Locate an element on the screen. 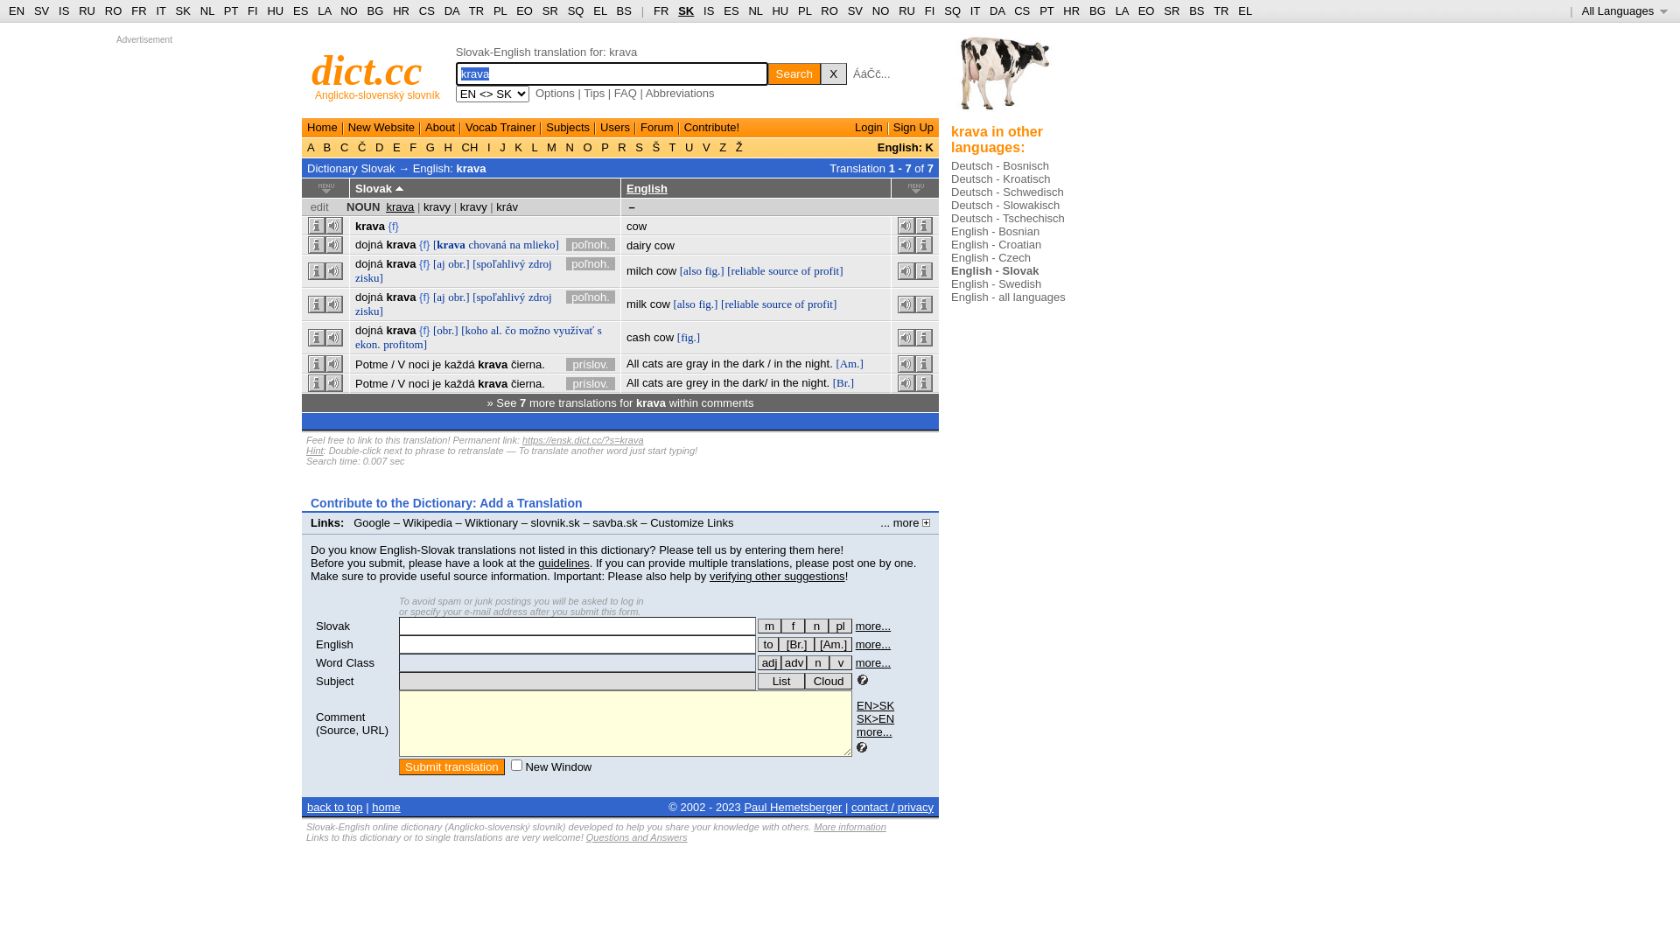 Image resolution: width=1680 pixels, height=945 pixels. 'kravy' is located at coordinates (473, 206).